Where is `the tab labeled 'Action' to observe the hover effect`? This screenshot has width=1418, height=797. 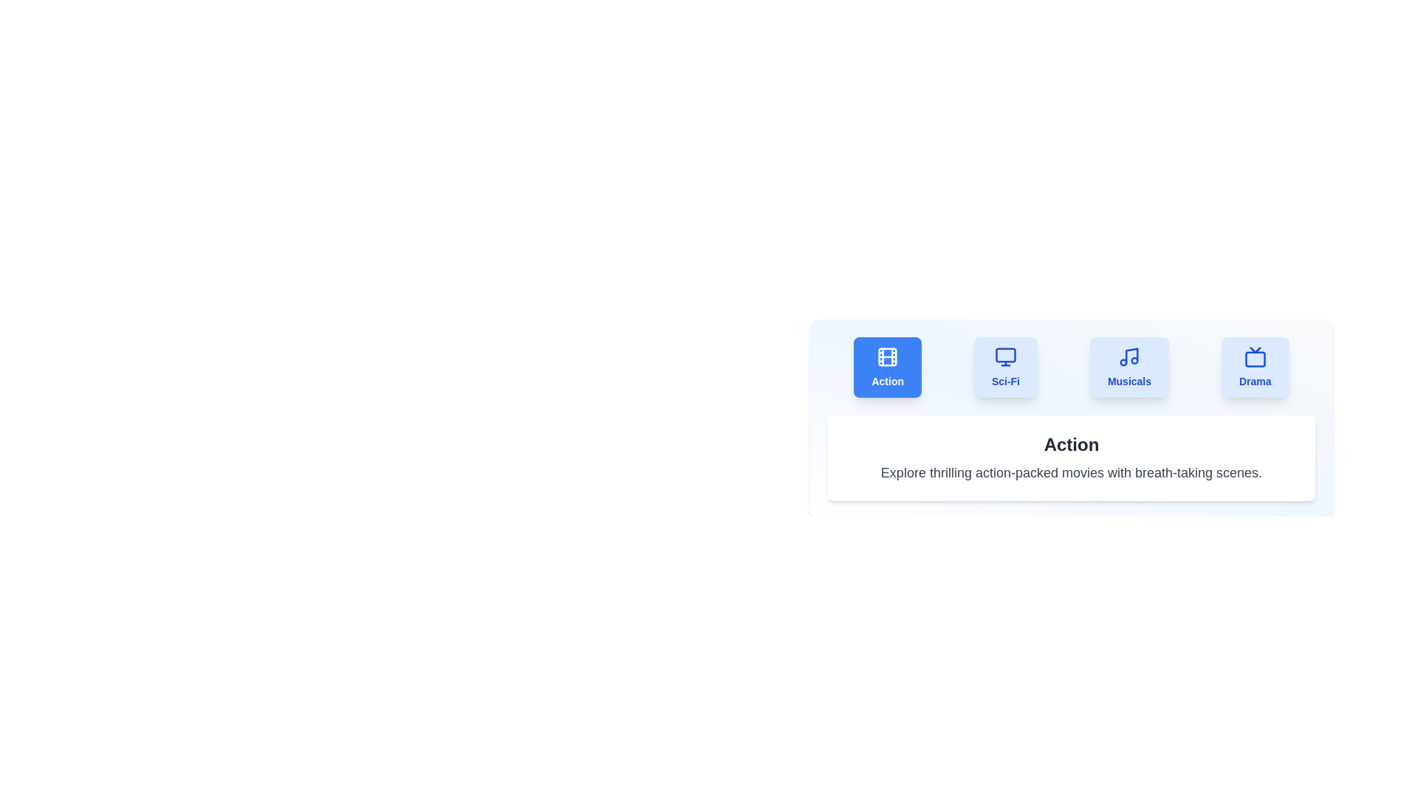
the tab labeled 'Action' to observe the hover effect is located at coordinates (887, 366).